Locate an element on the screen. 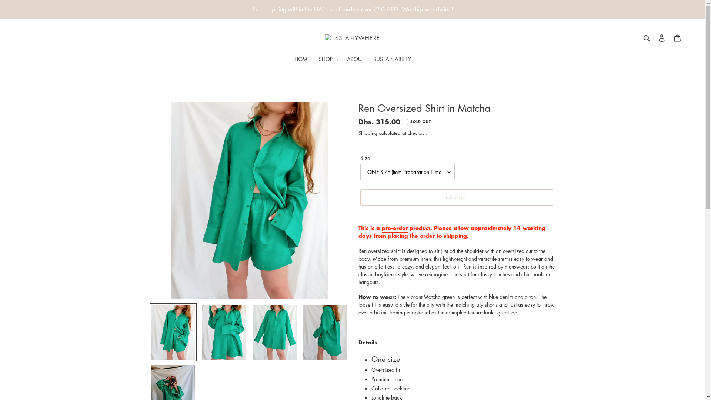 The width and height of the screenshot is (711, 400). 'Cart' is located at coordinates (677, 37).